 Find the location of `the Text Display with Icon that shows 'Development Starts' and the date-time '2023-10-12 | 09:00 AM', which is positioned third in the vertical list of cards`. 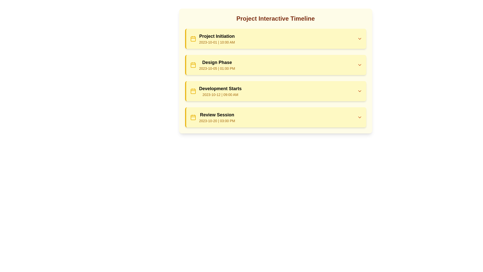

the Text Display with Icon that shows 'Development Starts' and the date-time '2023-10-12 | 09:00 AM', which is positioned third in the vertical list of cards is located at coordinates (216, 91).